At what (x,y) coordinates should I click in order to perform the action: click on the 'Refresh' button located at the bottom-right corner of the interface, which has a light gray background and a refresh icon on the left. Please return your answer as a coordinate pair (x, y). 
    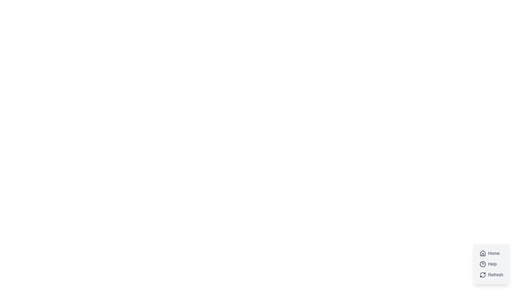
    Looking at the image, I should click on (491, 275).